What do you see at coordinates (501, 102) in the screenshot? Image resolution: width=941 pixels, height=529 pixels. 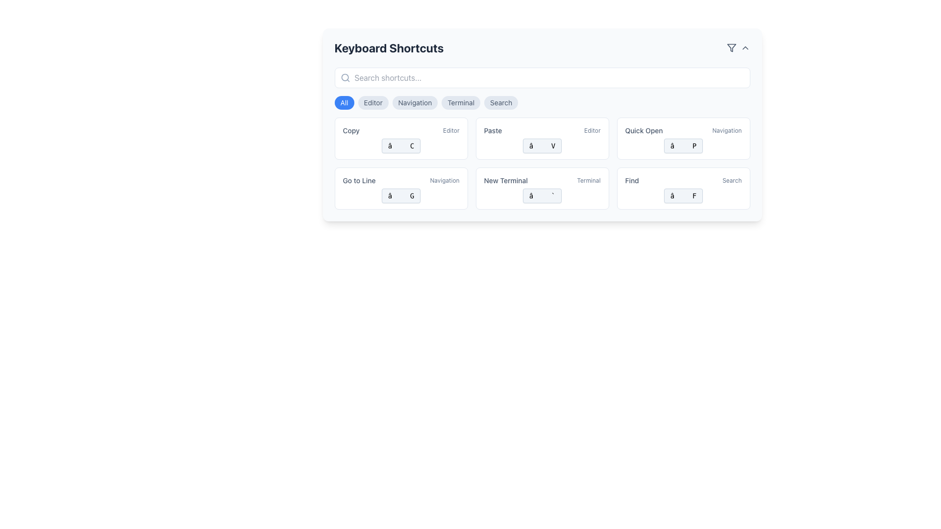 I see `the fifth button in the horizontal list titled 'Search'` at bounding box center [501, 102].